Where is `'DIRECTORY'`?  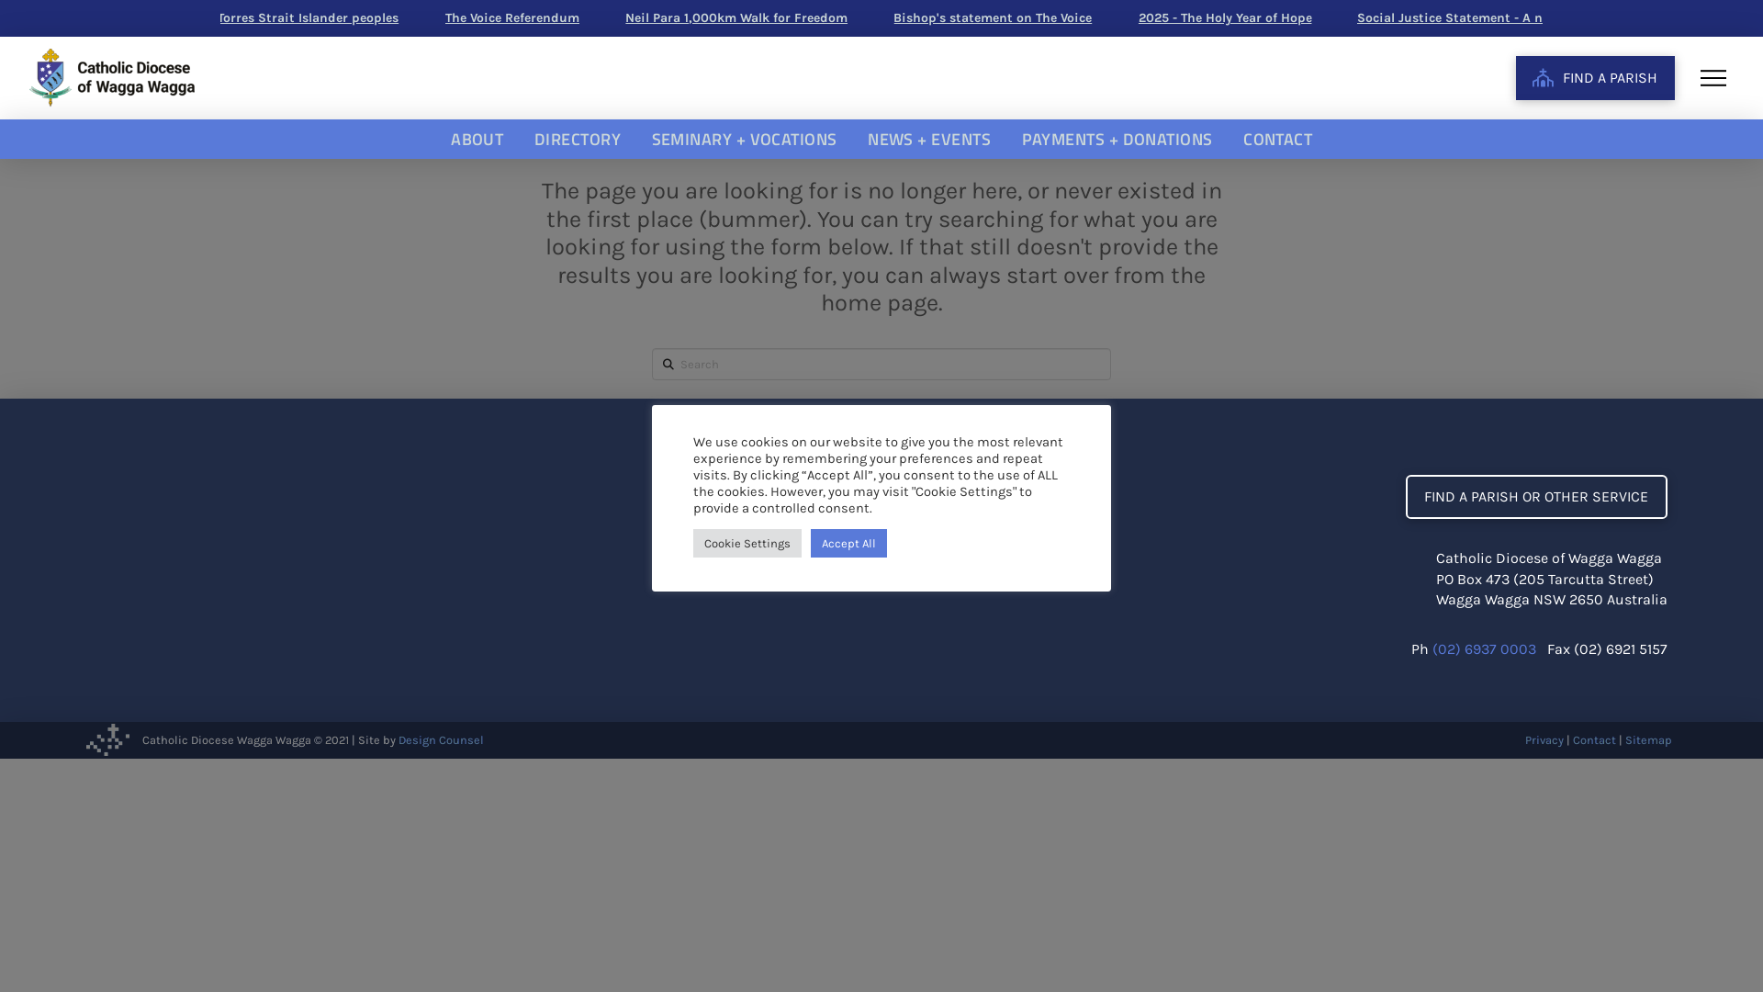
'DIRECTORY' is located at coordinates (576, 138).